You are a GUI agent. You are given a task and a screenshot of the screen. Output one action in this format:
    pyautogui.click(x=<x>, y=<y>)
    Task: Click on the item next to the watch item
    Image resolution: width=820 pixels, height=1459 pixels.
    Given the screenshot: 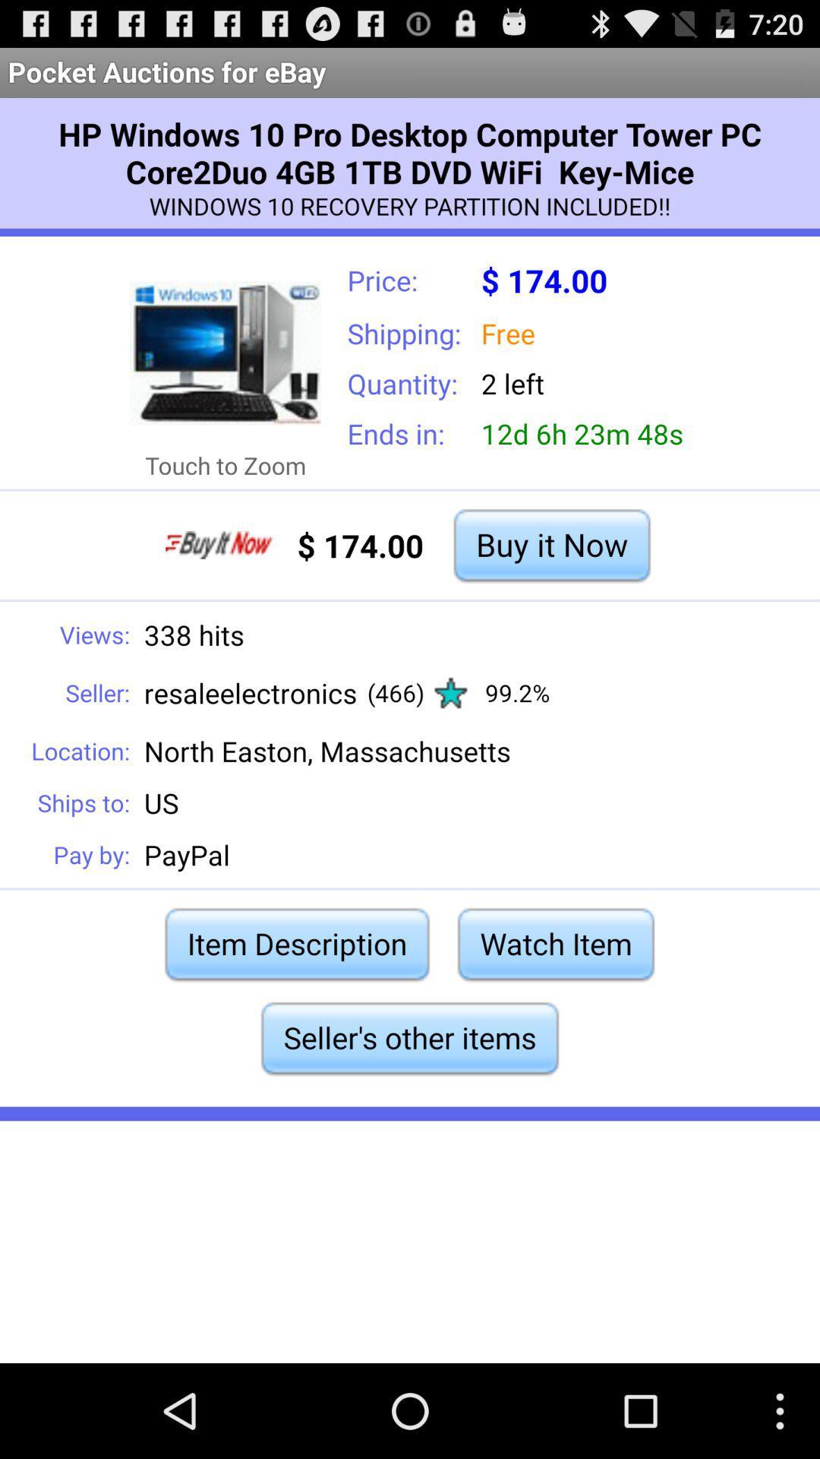 What is the action you would take?
    pyautogui.click(x=297, y=943)
    